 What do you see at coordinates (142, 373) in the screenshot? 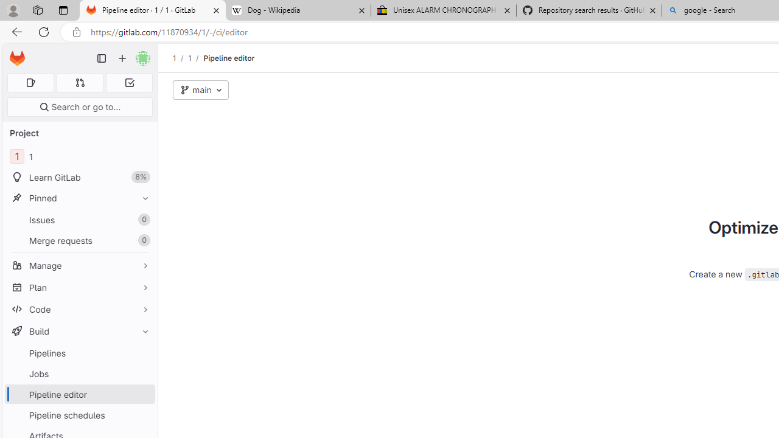
I see `'Pin Jobs'` at bounding box center [142, 373].